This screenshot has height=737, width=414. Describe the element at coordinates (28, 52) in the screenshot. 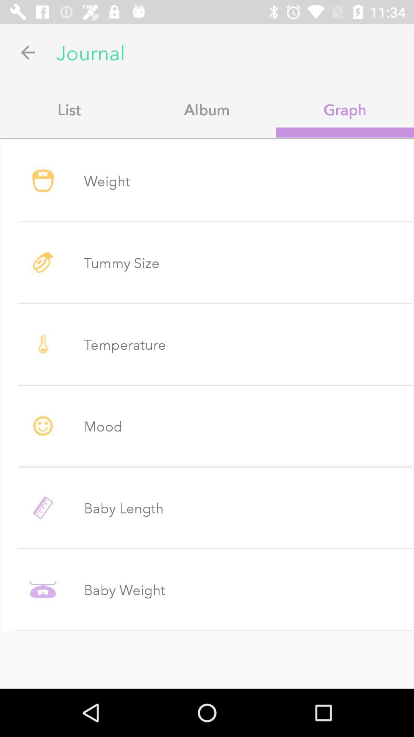

I see `item to the left of journal item` at that location.